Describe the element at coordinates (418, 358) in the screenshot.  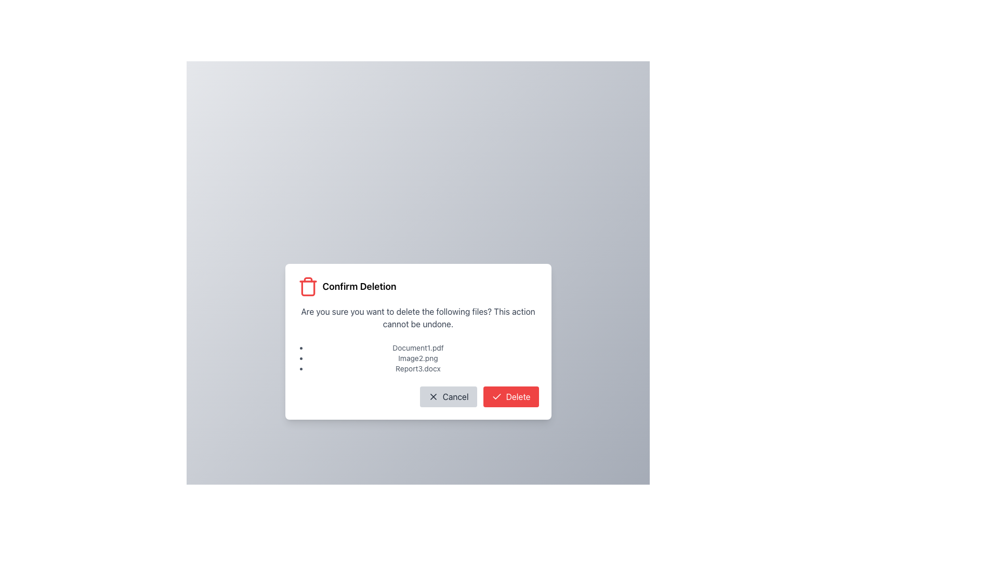
I see `the text label displaying 'Image2.png', which is the second item in a vertical list of three elements, positioned below 'Document1.pdf' and above 'Report3.docx'` at that location.